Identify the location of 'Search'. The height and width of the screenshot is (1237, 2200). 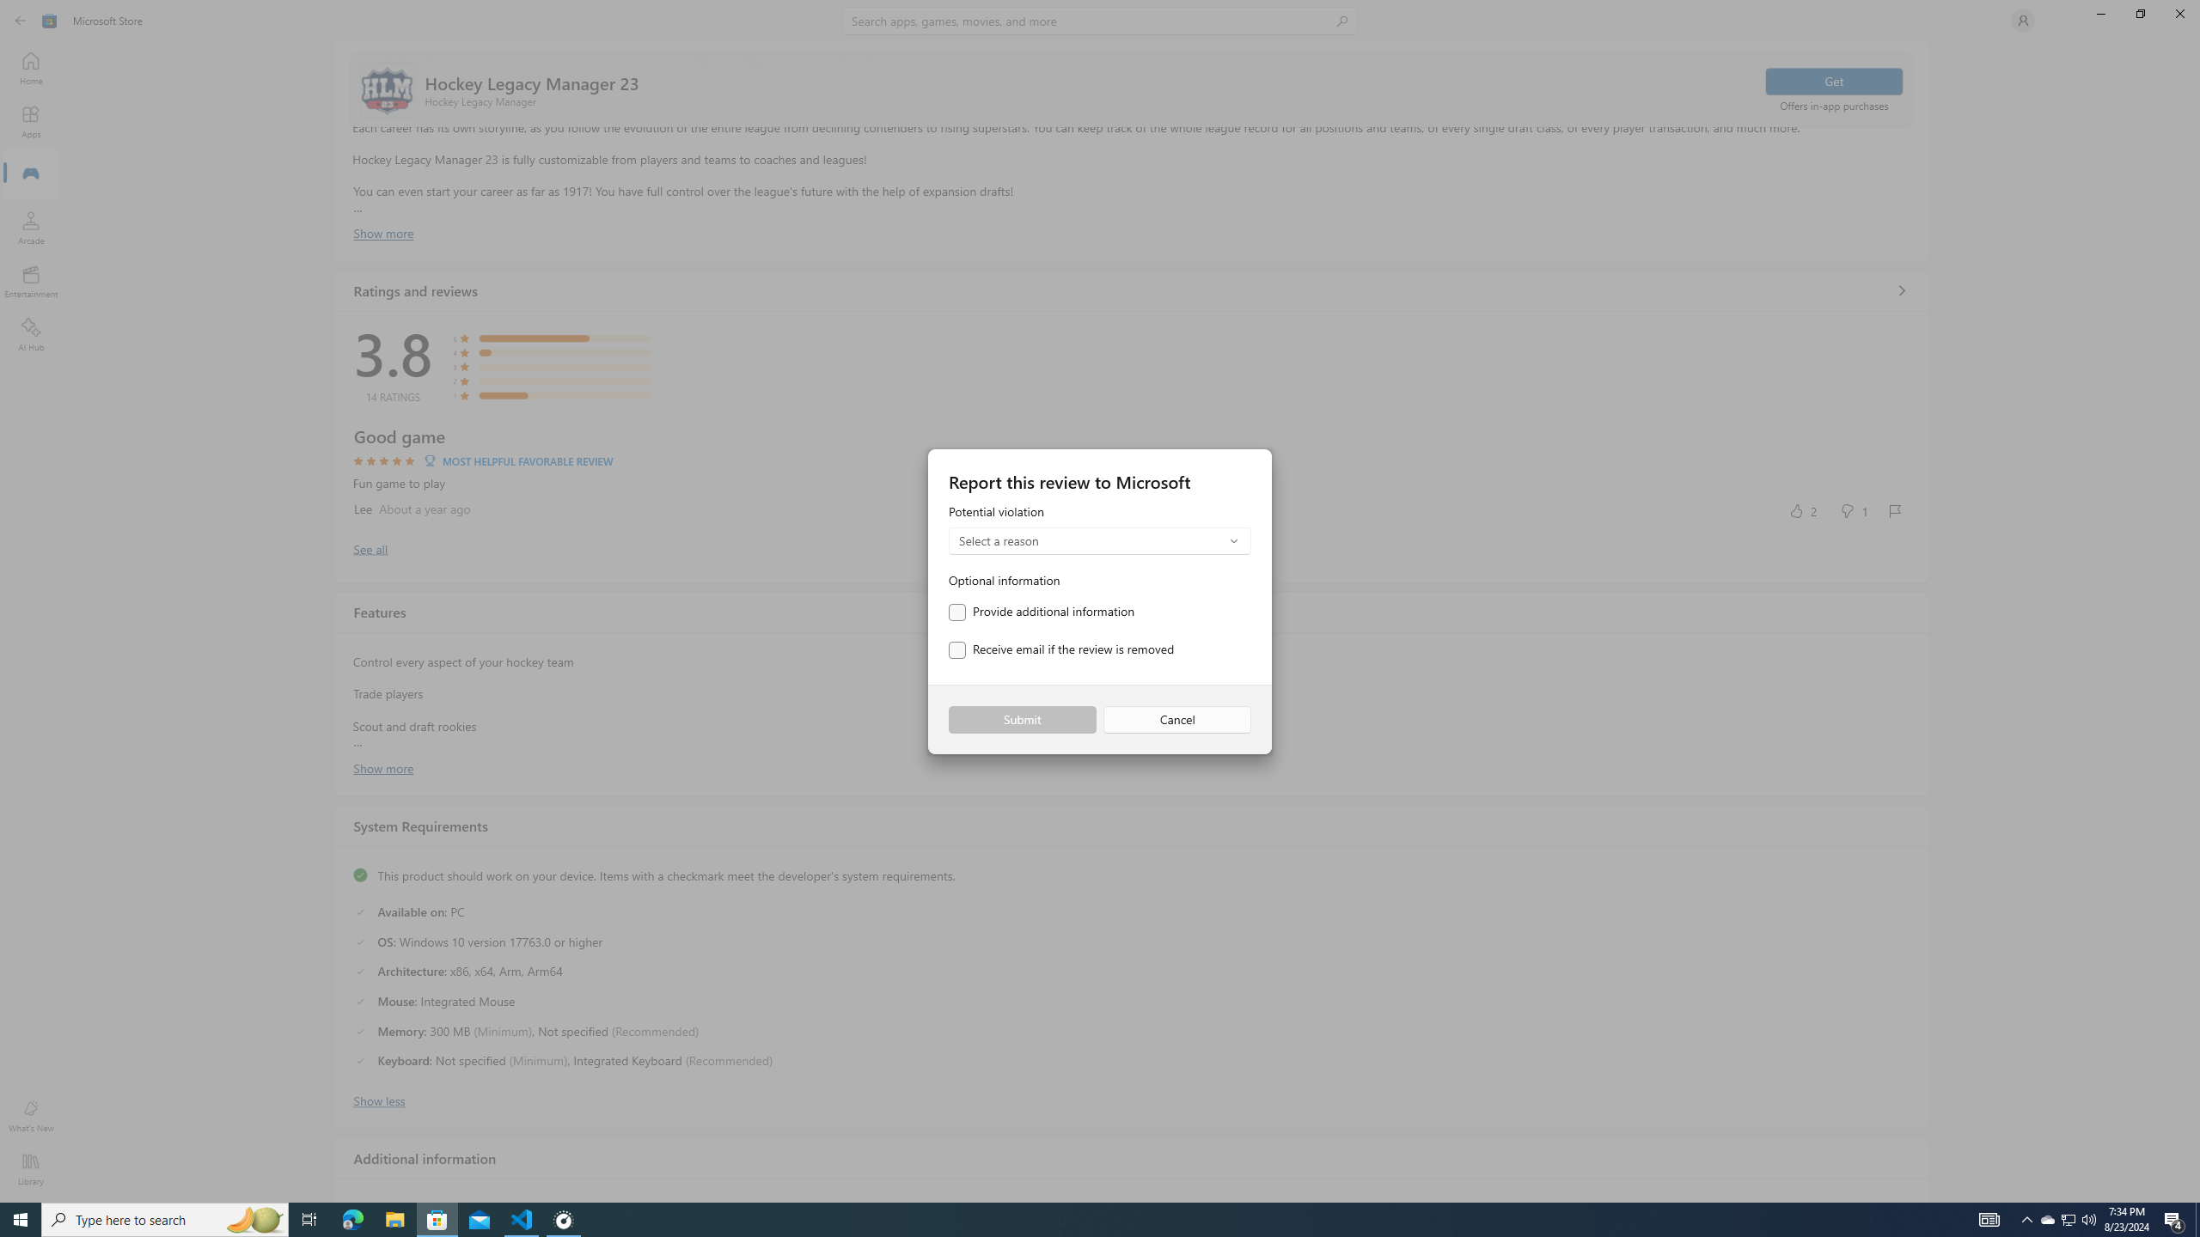
(1100, 20).